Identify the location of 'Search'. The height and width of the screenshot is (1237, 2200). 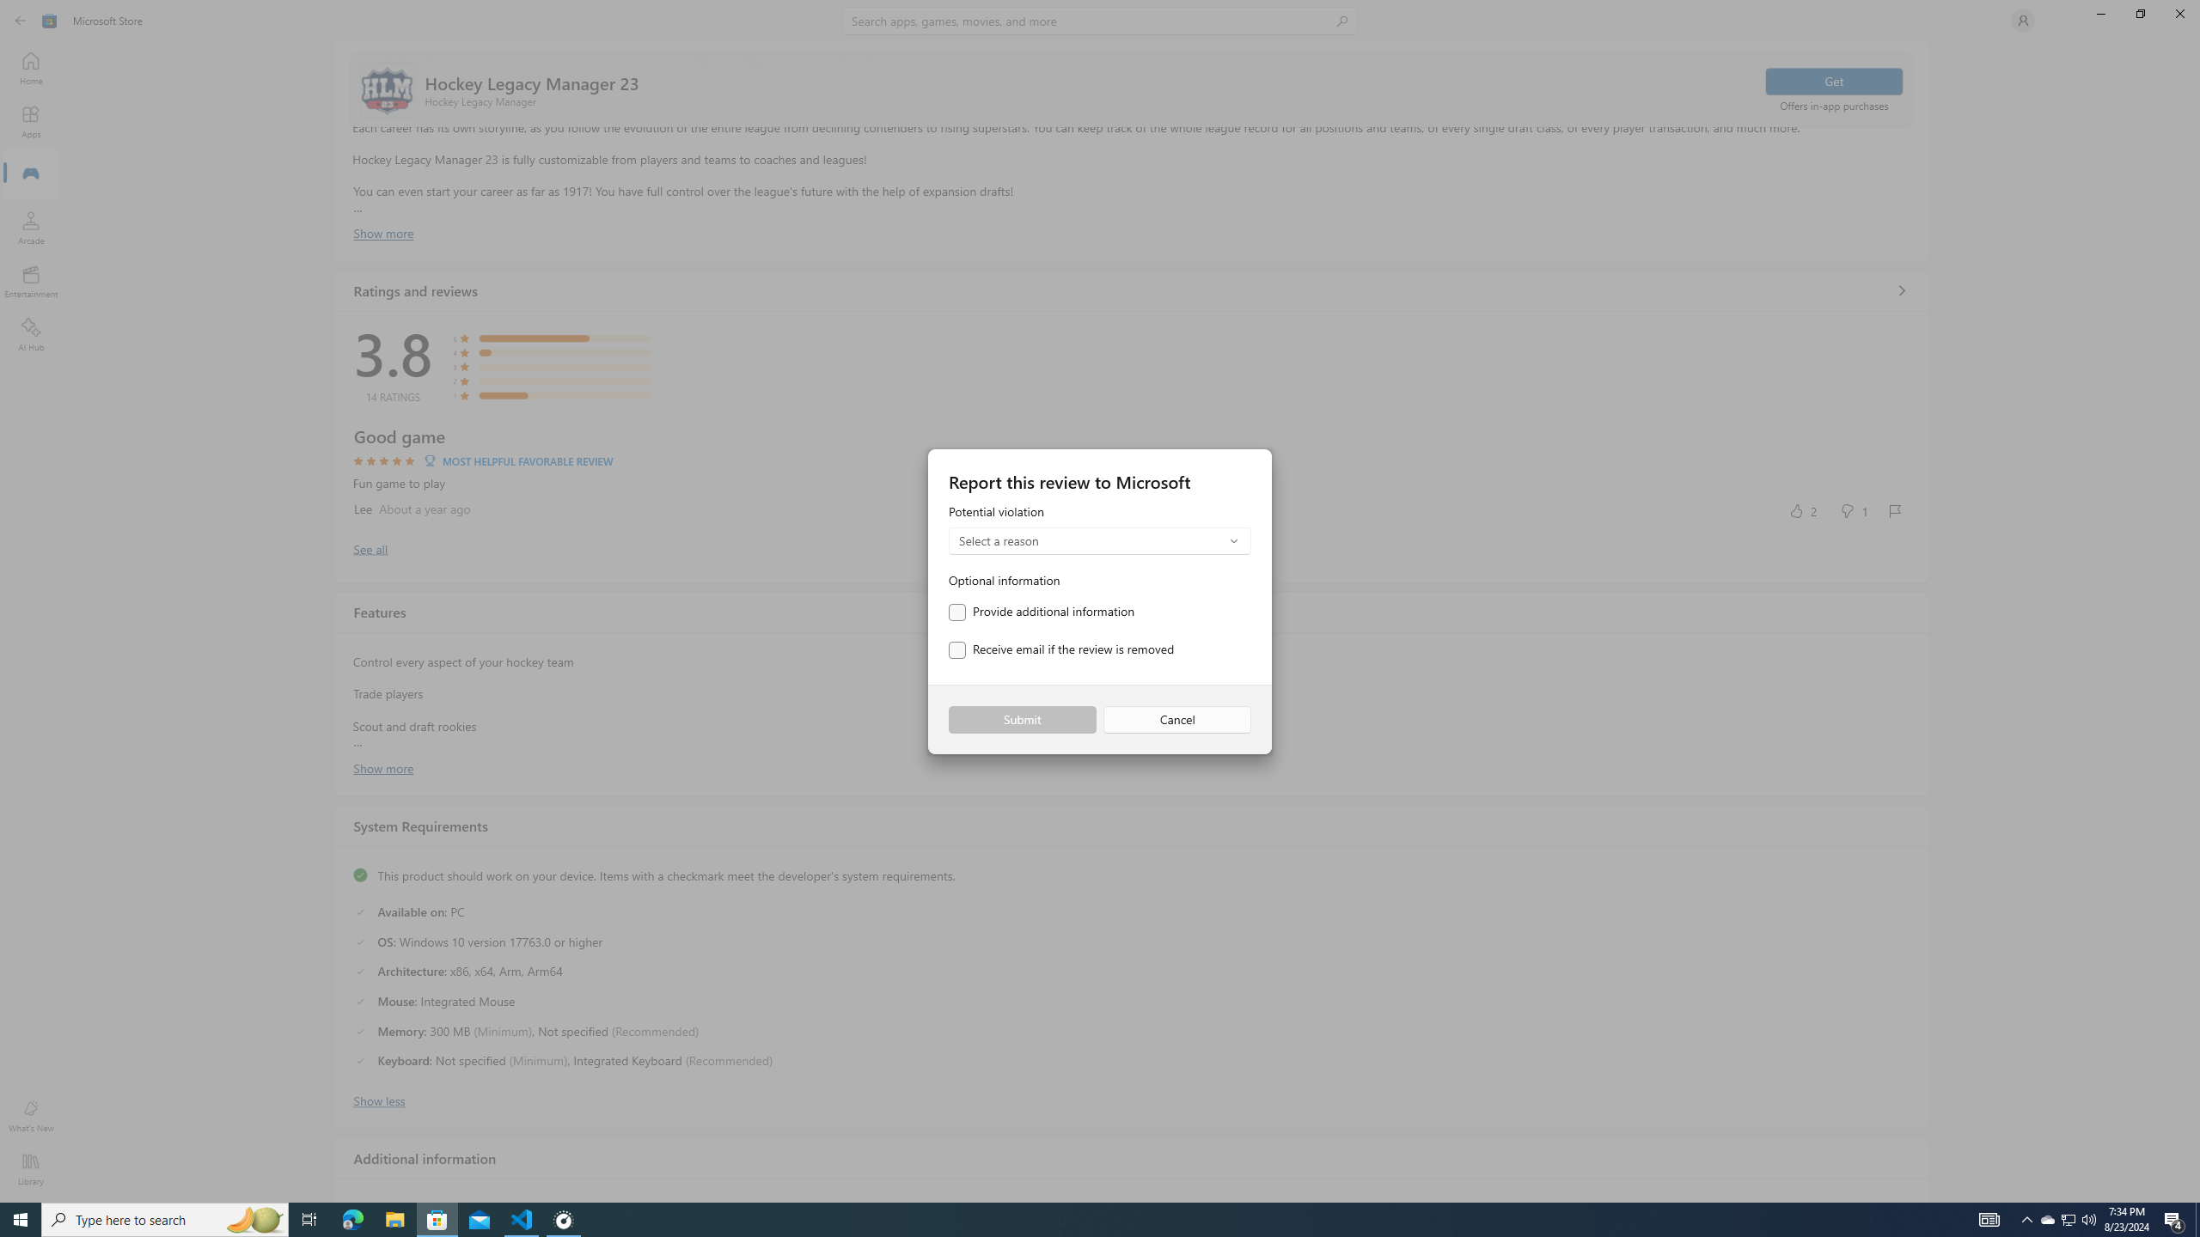
(1100, 20).